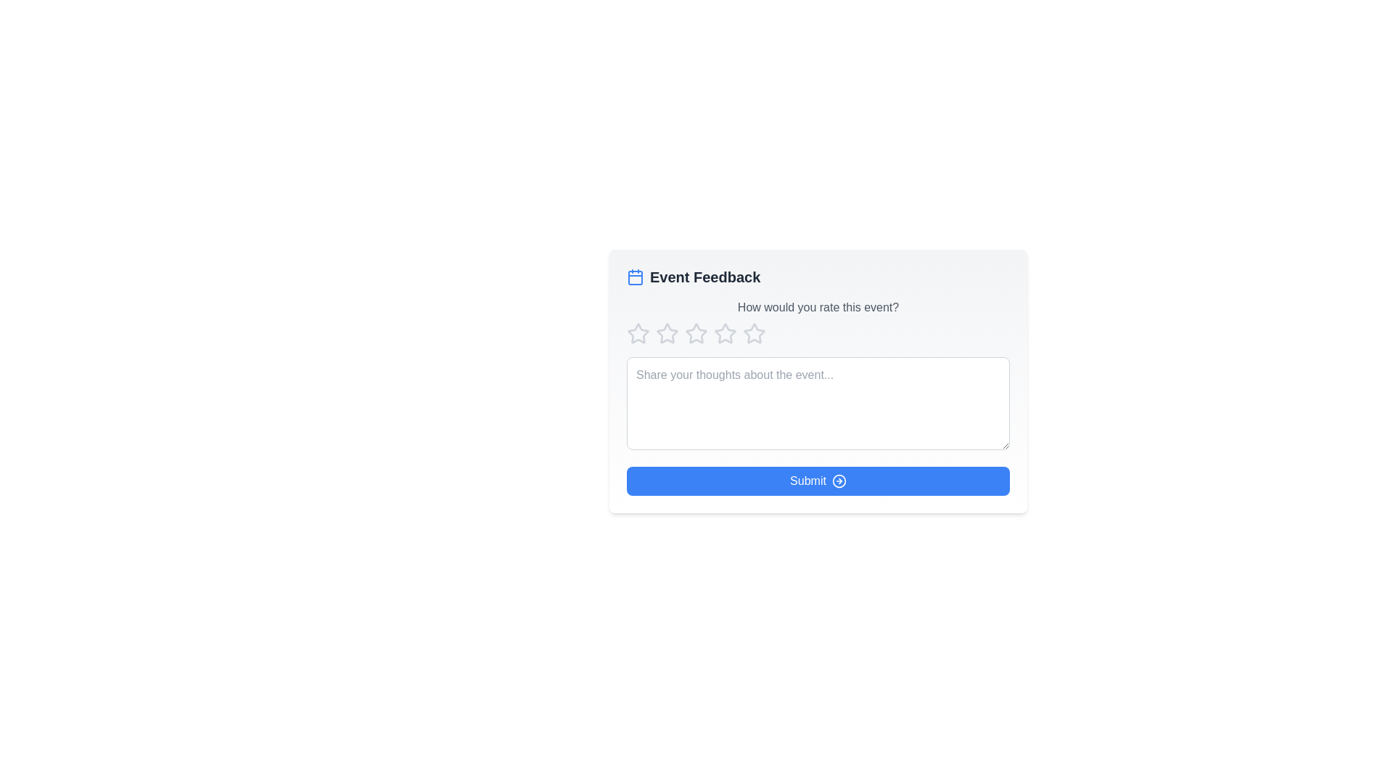  I want to click on the second star icon from the left in the horizontal group of five stars, so click(667, 333).